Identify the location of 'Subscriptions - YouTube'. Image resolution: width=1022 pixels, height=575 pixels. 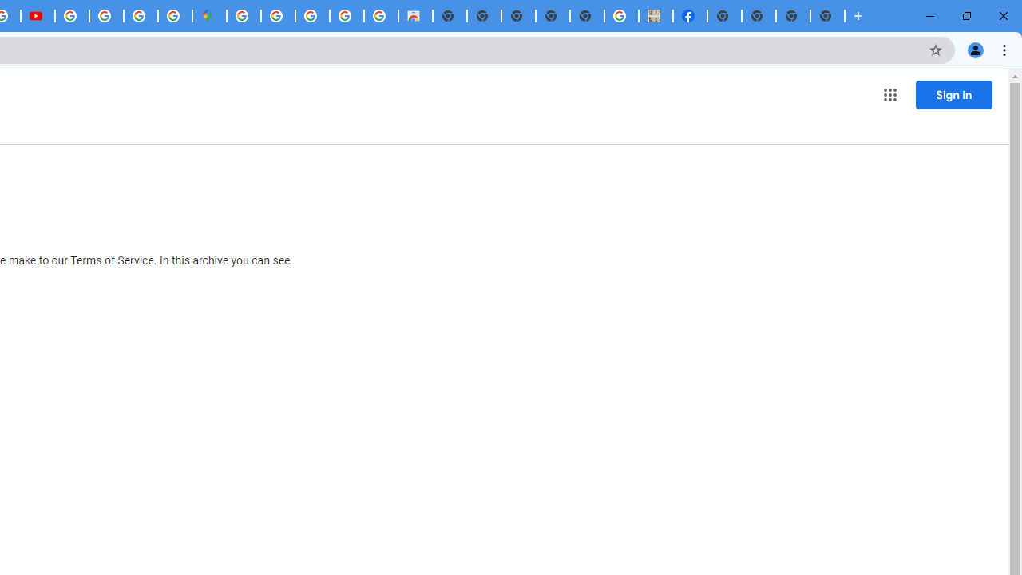
(38, 16).